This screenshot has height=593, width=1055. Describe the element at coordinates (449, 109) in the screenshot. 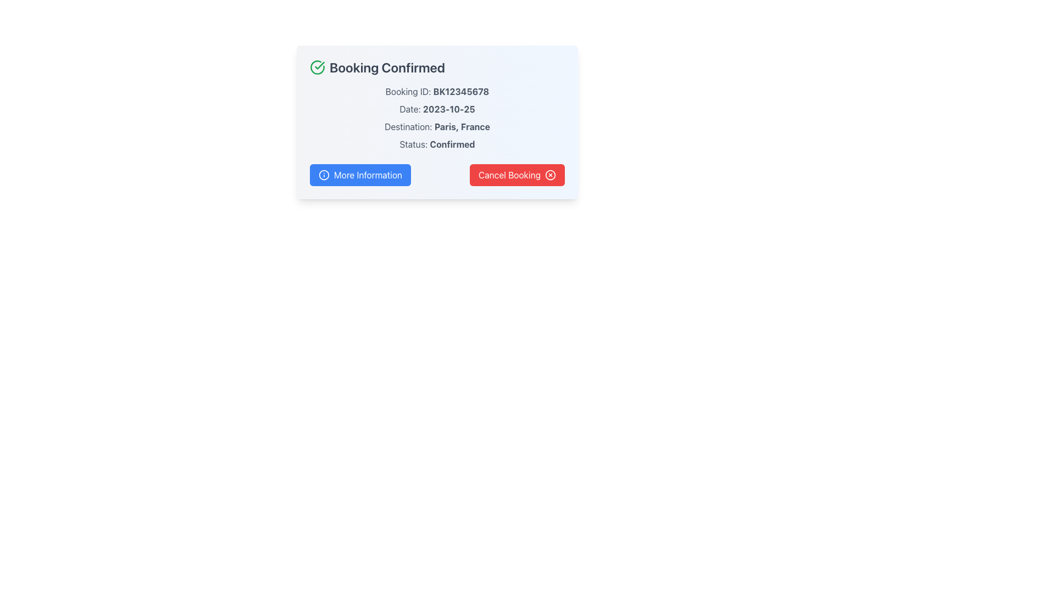

I see `the static text label displaying '2023-10-25', which is located in the middle section of a light blue card interface, to the right of the label 'Date:'` at that location.